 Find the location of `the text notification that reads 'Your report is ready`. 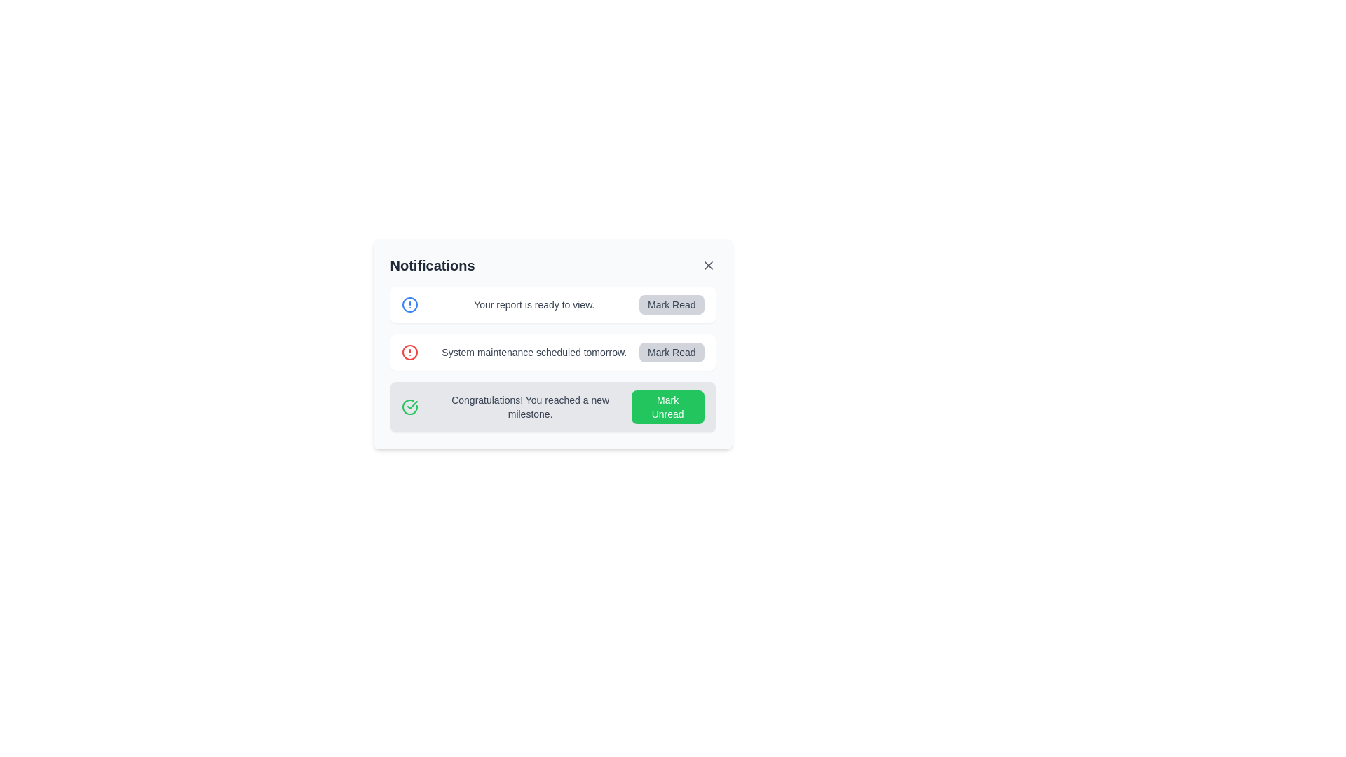

the text notification that reads 'Your report is ready is located at coordinates (533, 304).